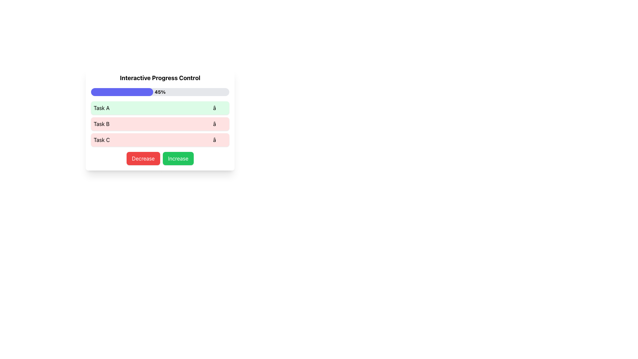 The height and width of the screenshot is (359, 638). Describe the element at coordinates (122, 92) in the screenshot. I see `the Progress Indicator that visually conveys a completed percentage of a task or goal, currently at 45%, located in the top section of the 'Interactive Progress Control' card` at that location.